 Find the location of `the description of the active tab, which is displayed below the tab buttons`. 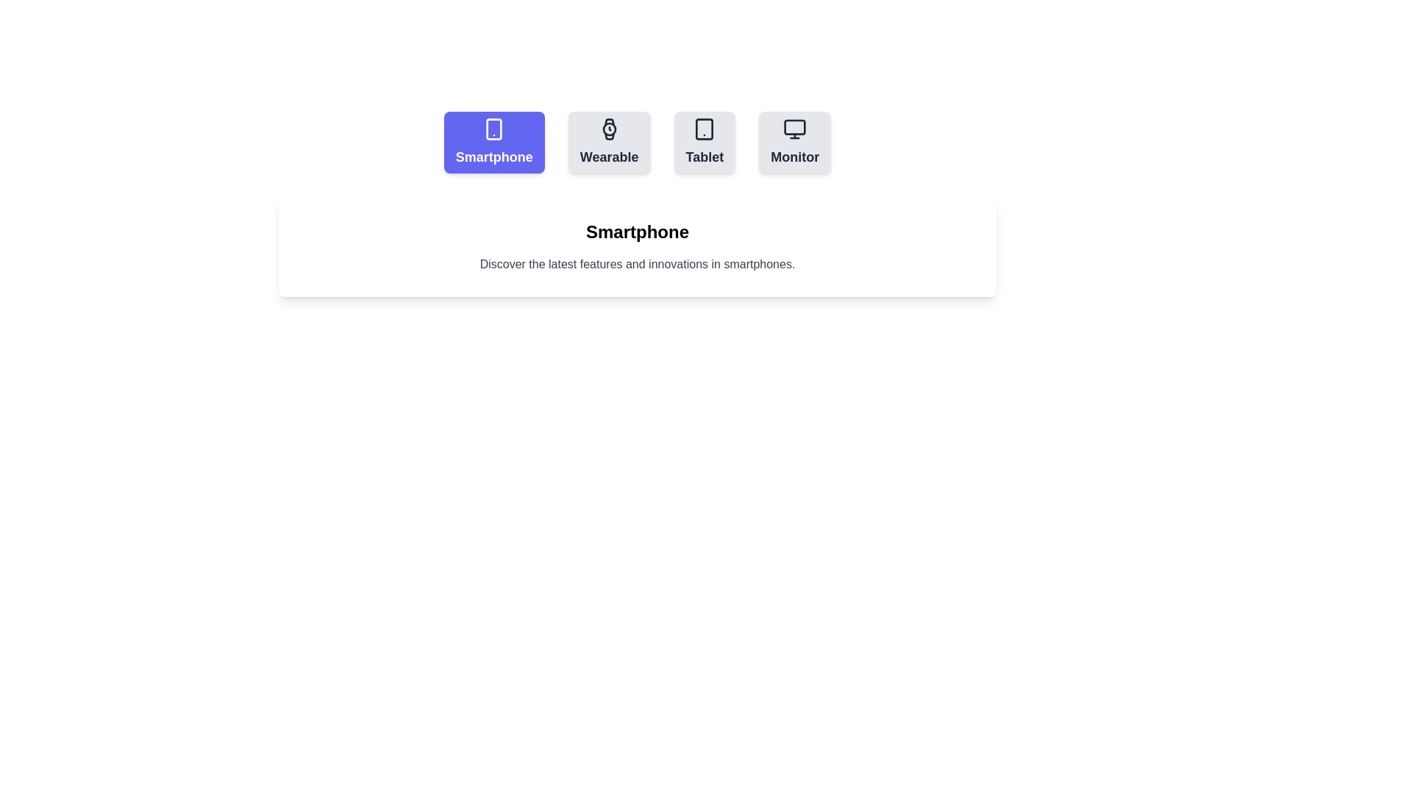

the description of the active tab, which is displayed below the tab buttons is located at coordinates (638, 263).